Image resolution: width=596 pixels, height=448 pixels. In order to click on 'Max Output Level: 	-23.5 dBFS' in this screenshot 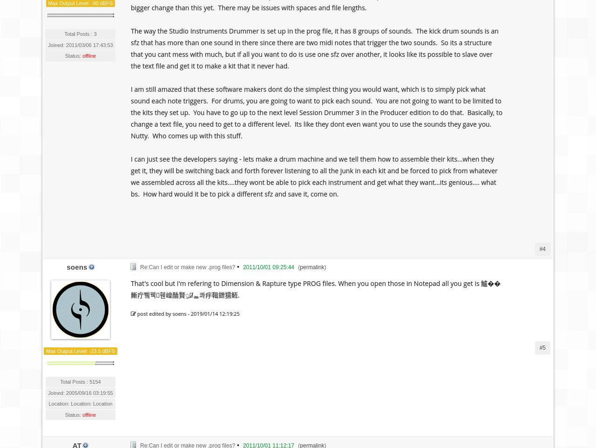, I will do `click(80, 351)`.